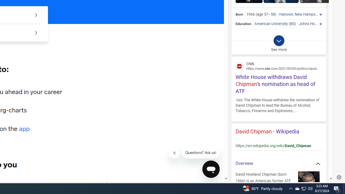  What do you see at coordinates (286, 14) in the screenshot?
I see `'Hanover'` at bounding box center [286, 14].